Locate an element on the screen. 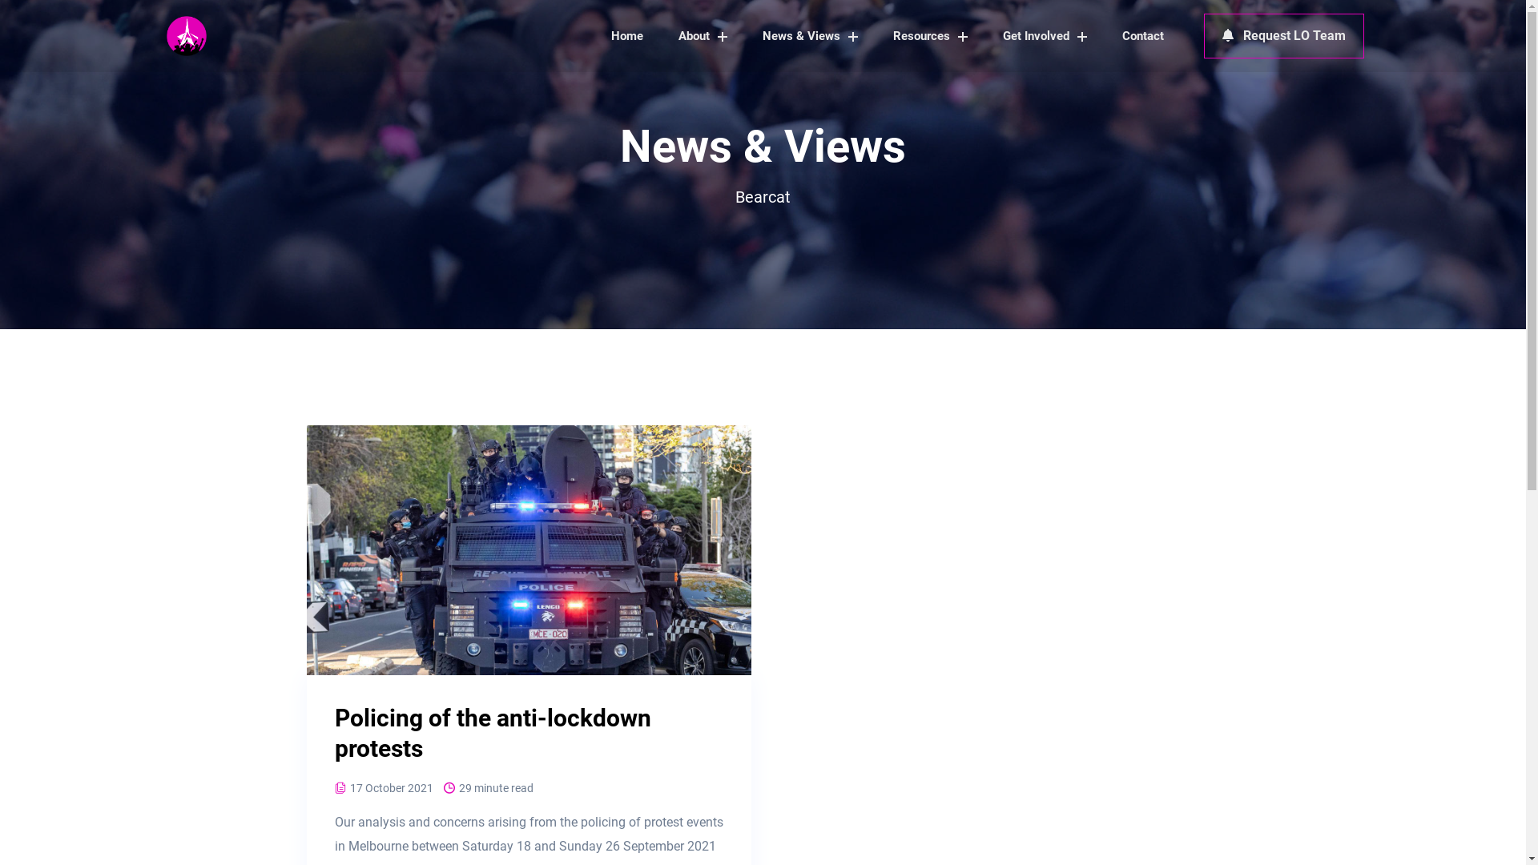  '   Request LO Team' is located at coordinates (1203, 36).